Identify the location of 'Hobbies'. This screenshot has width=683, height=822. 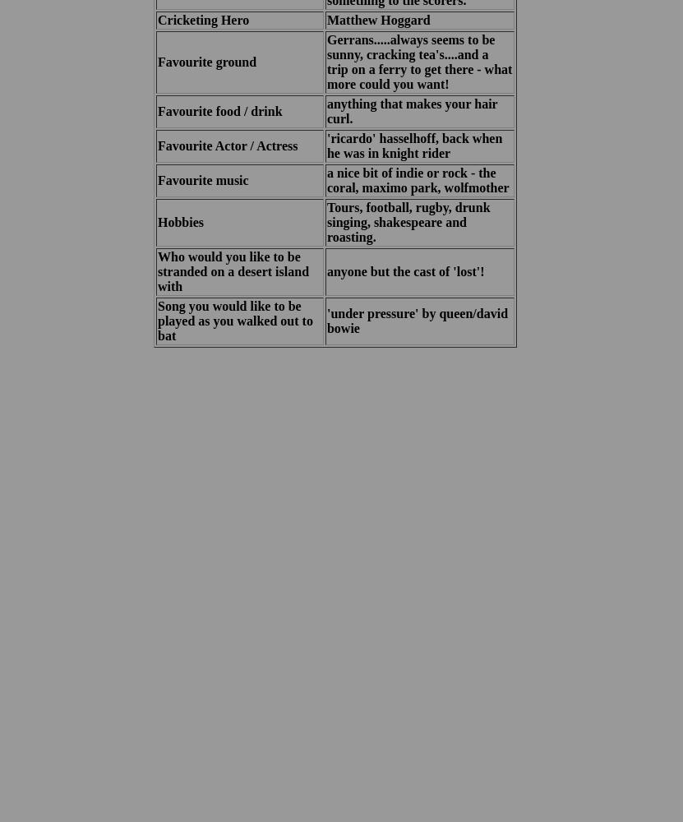
(180, 222).